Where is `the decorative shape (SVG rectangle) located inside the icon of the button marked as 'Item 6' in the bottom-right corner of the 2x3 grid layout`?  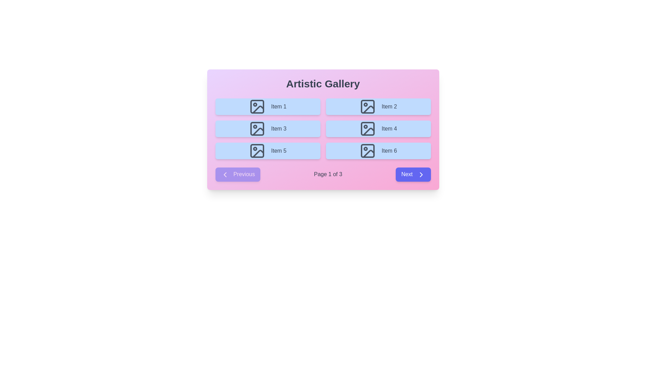
the decorative shape (SVG rectangle) located inside the icon of the button marked as 'Item 6' in the bottom-right corner of the 2x3 grid layout is located at coordinates (367, 150).